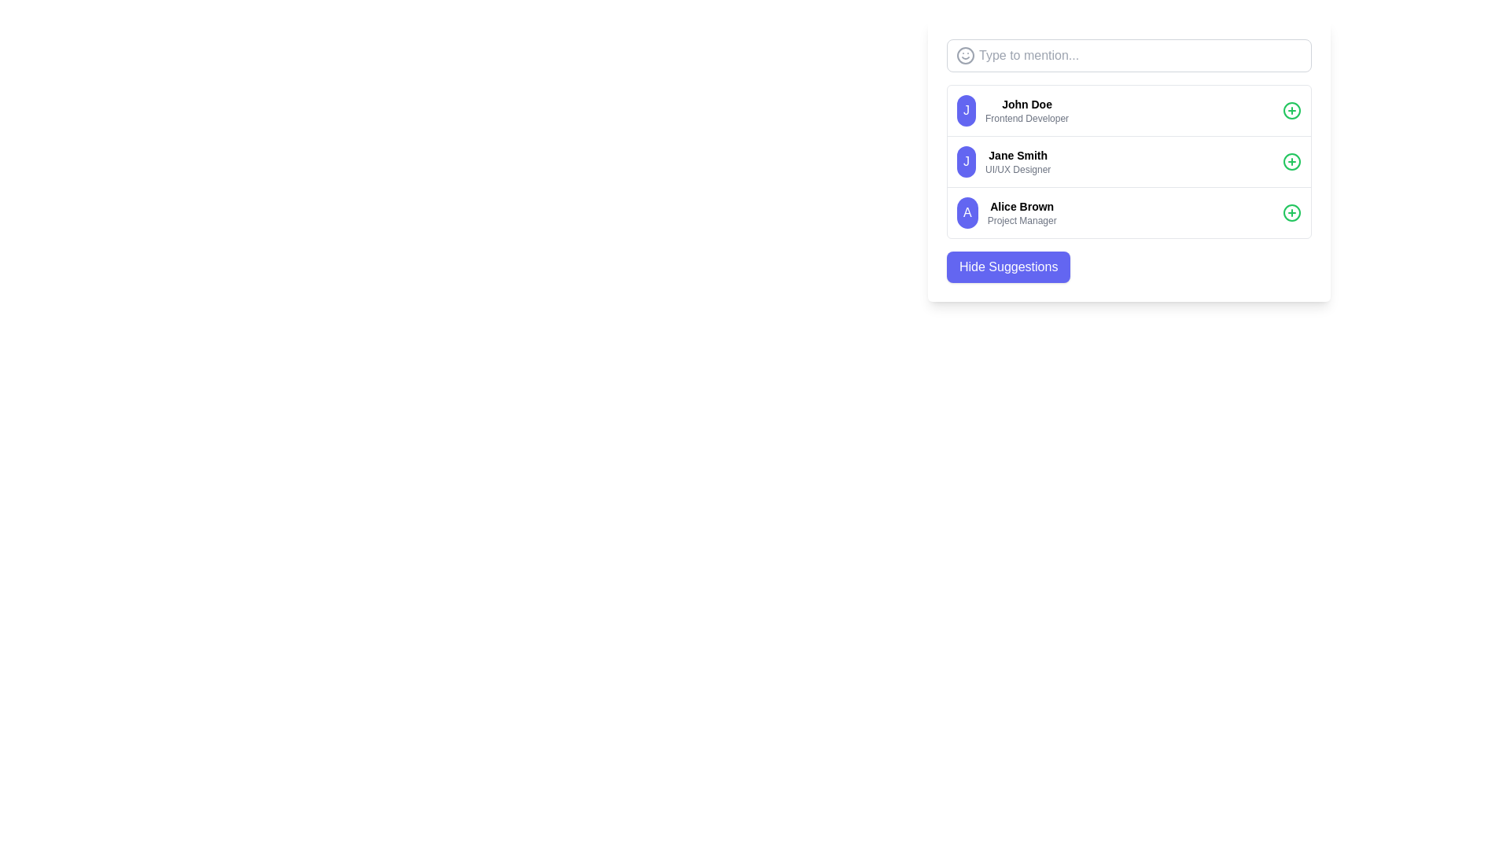  What do you see at coordinates (965, 54) in the screenshot?
I see `the decorative icon located on the left side of the text input field labeled 'Type to mention...' within the interactive menu, which serves as a leading design component` at bounding box center [965, 54].